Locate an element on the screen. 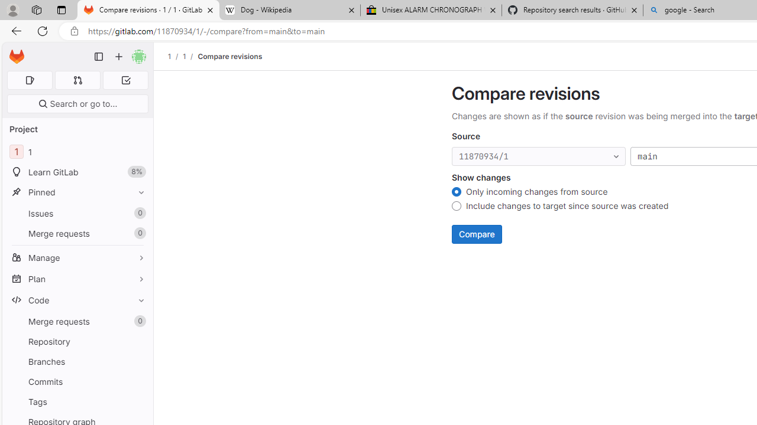 The width and height of the screenshot is (757, 425). 'Issues0' is located at coordinates (77, 213).